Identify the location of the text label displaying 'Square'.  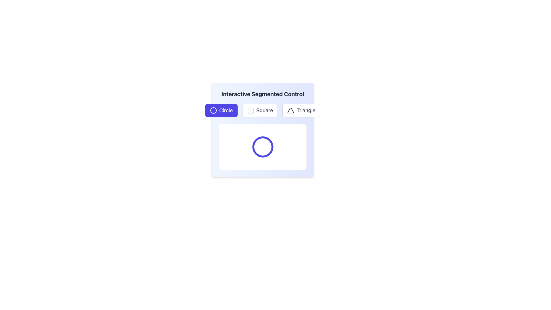
(264, 111).